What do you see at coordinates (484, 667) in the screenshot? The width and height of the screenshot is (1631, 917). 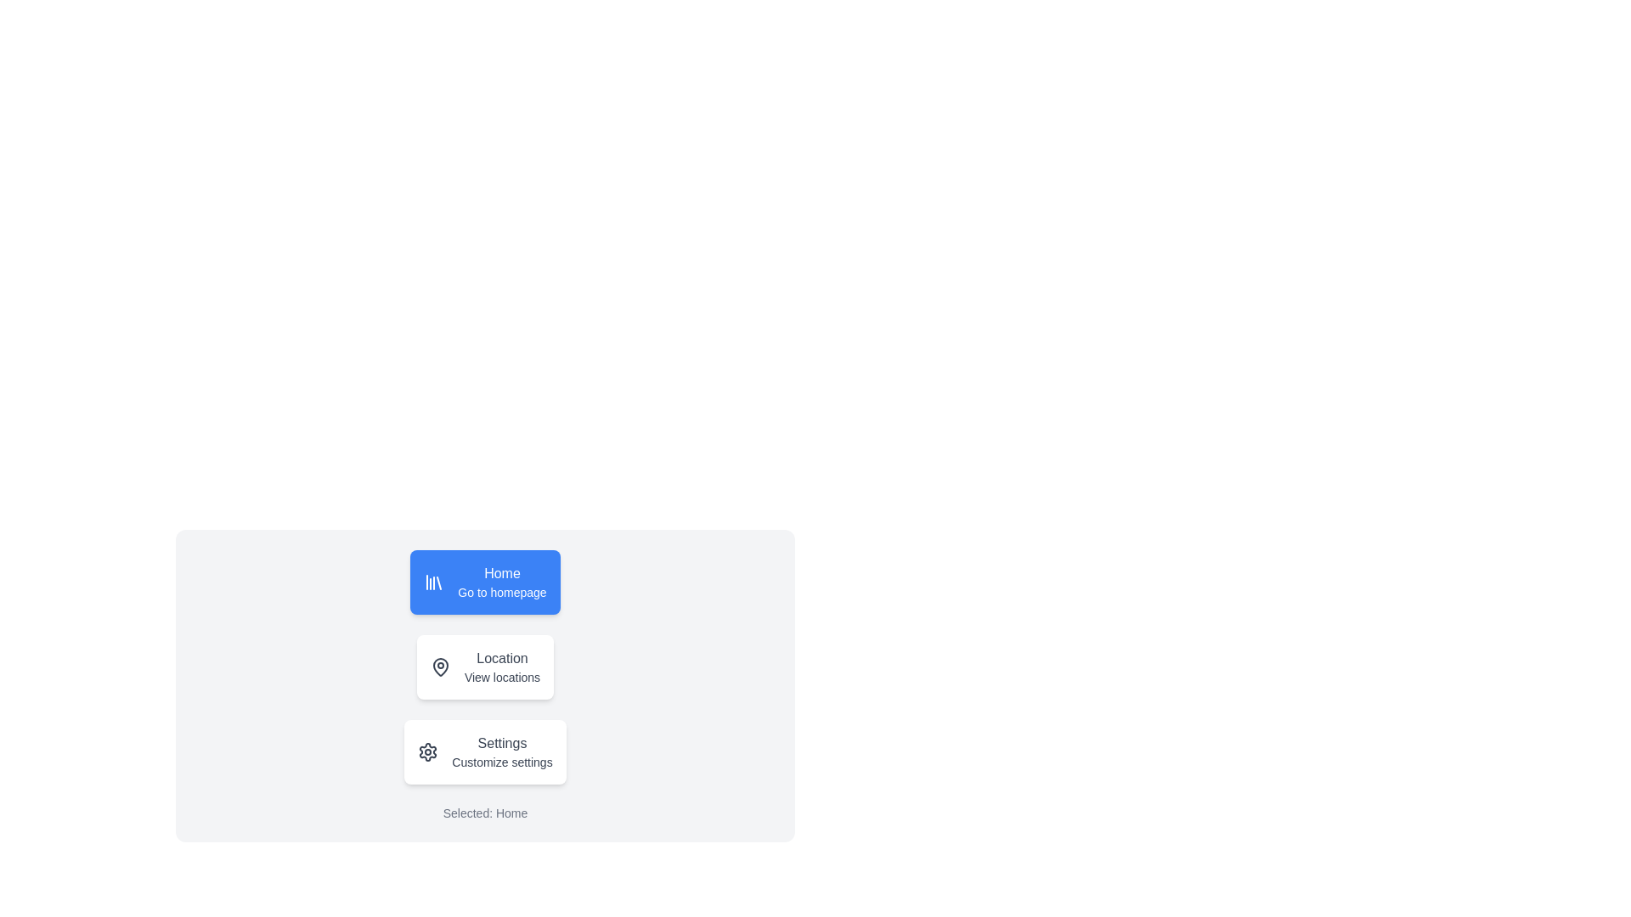 I see `the navigation item Location from the options: Home, Location, or Settings` at bounding box center [484, 667].